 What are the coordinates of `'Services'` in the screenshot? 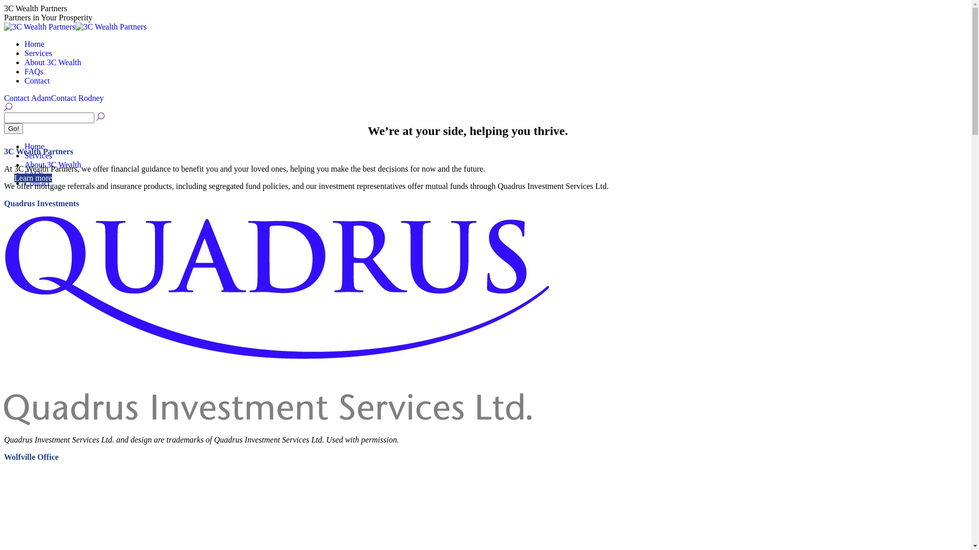 It's located at (38, 155).